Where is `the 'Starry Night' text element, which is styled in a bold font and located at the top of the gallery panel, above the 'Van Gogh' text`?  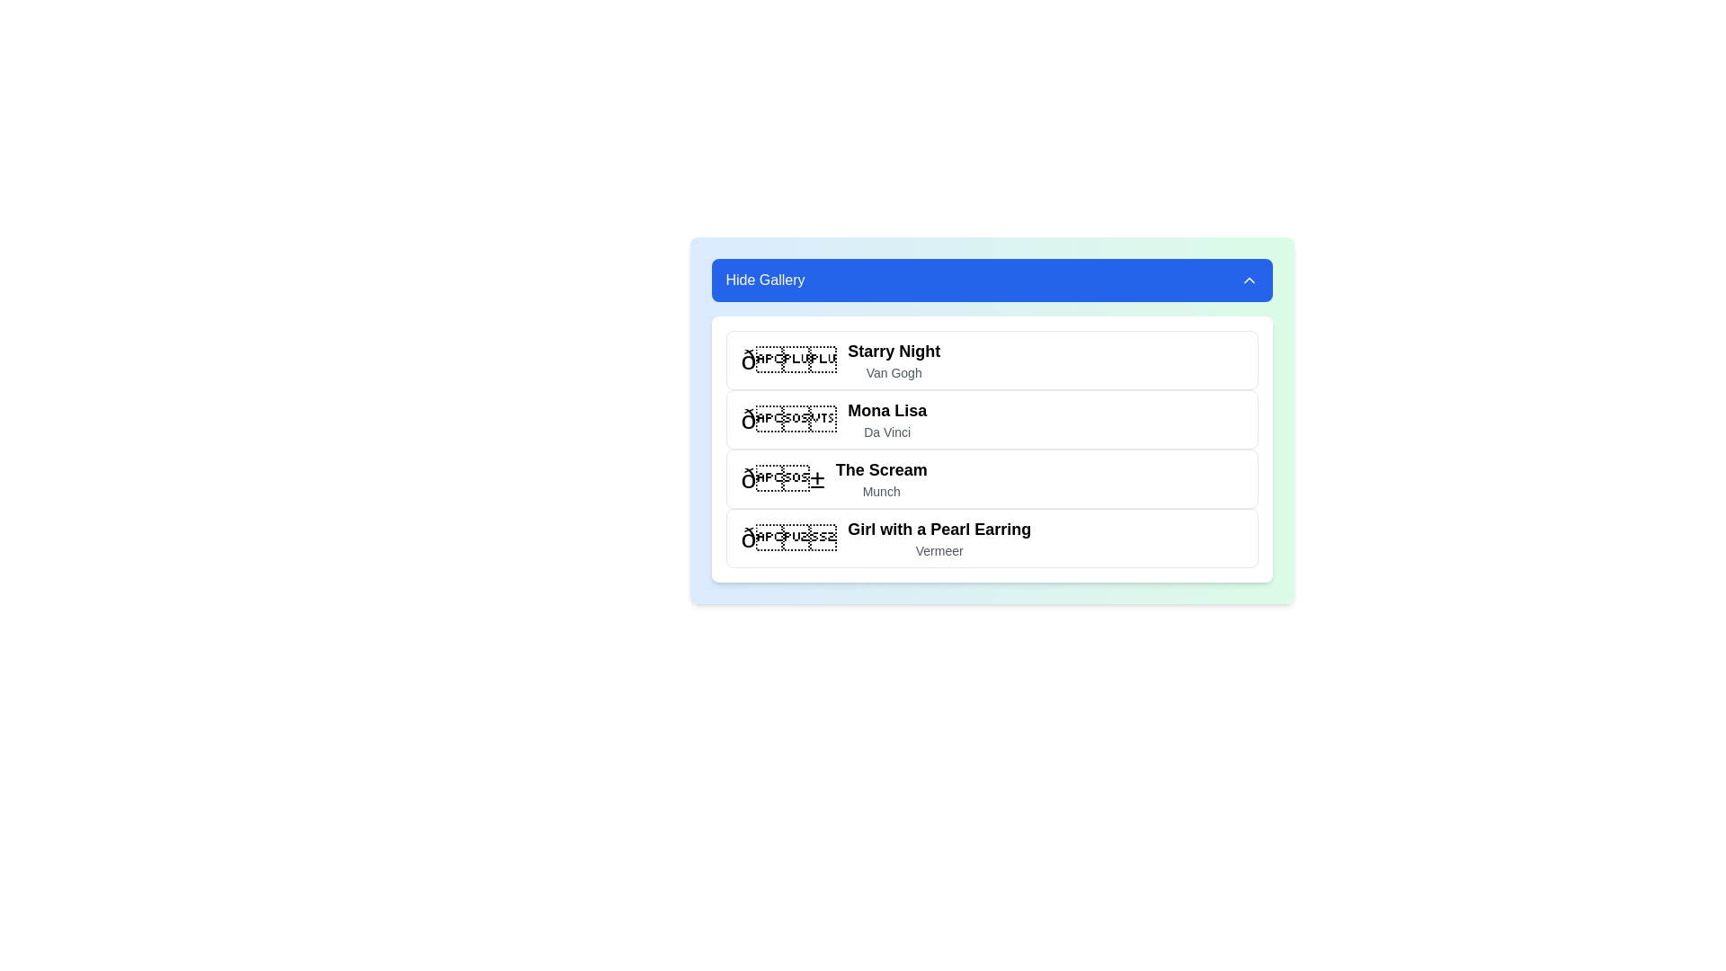
the 'Starry Night' text element, which is styled in a bold font and located at the top of the gallery panel, above the 'Van Gogh' text is located at coordinates (894, 351).